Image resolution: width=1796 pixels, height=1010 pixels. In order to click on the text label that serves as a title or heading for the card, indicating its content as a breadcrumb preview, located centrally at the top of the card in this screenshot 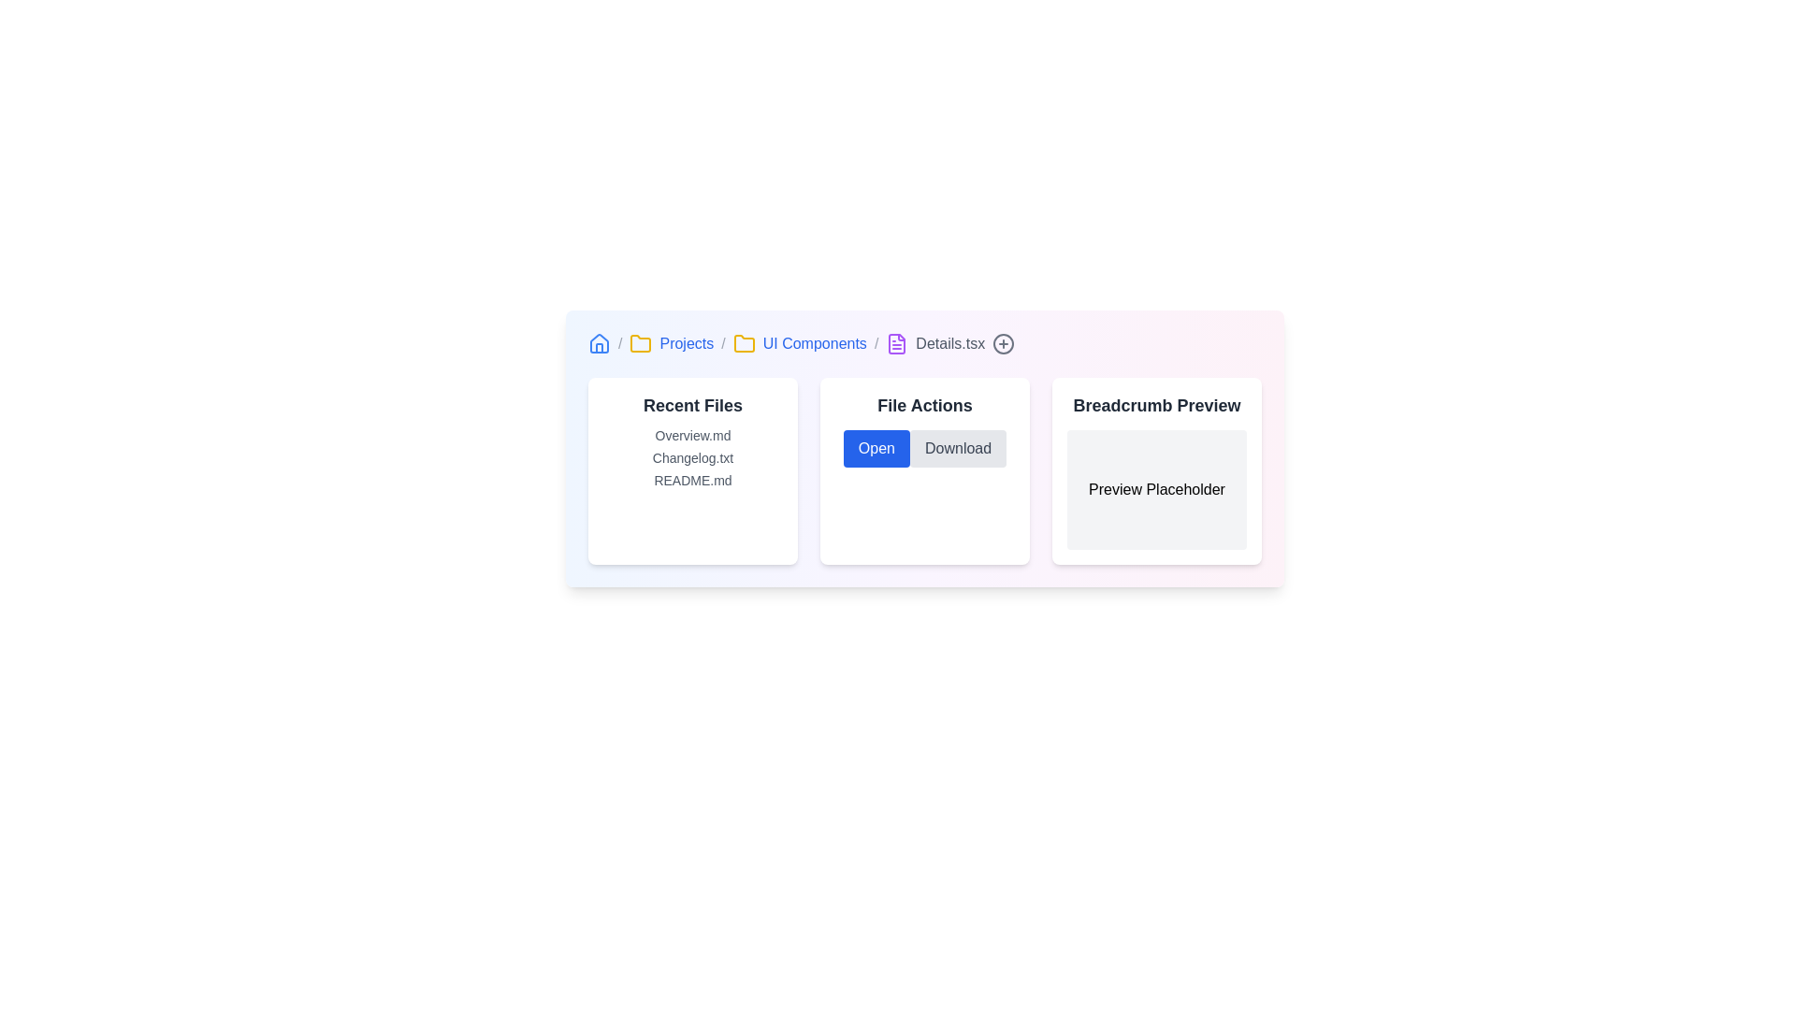, I will do `click(1156, 405)`.